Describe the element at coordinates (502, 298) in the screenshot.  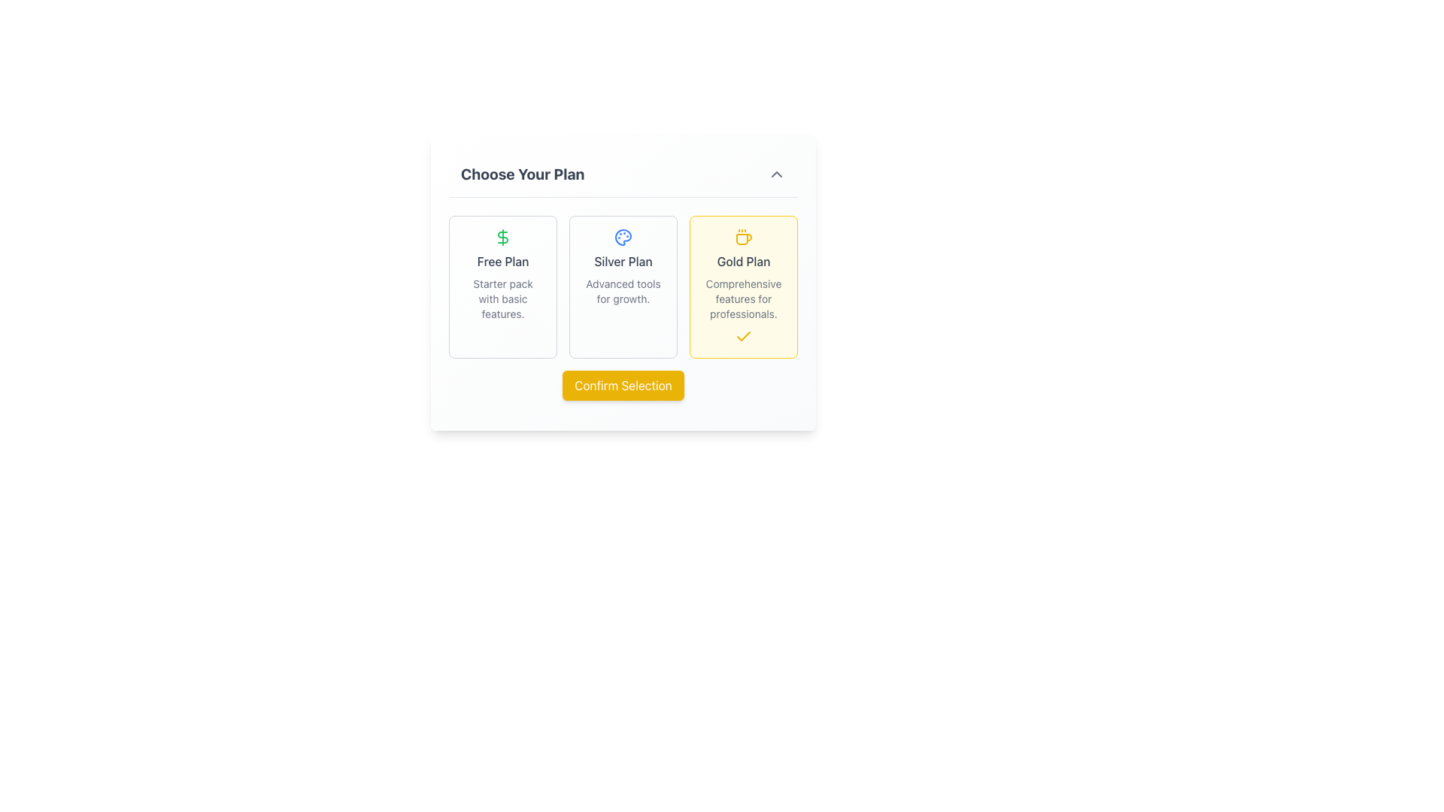
I see `the Text Label that reads 'Starter pack with basic features', which is part of the 'Free Plan' card located beneath the title 'Free Plan' in the 'Choose Your Plan' section` at that location.